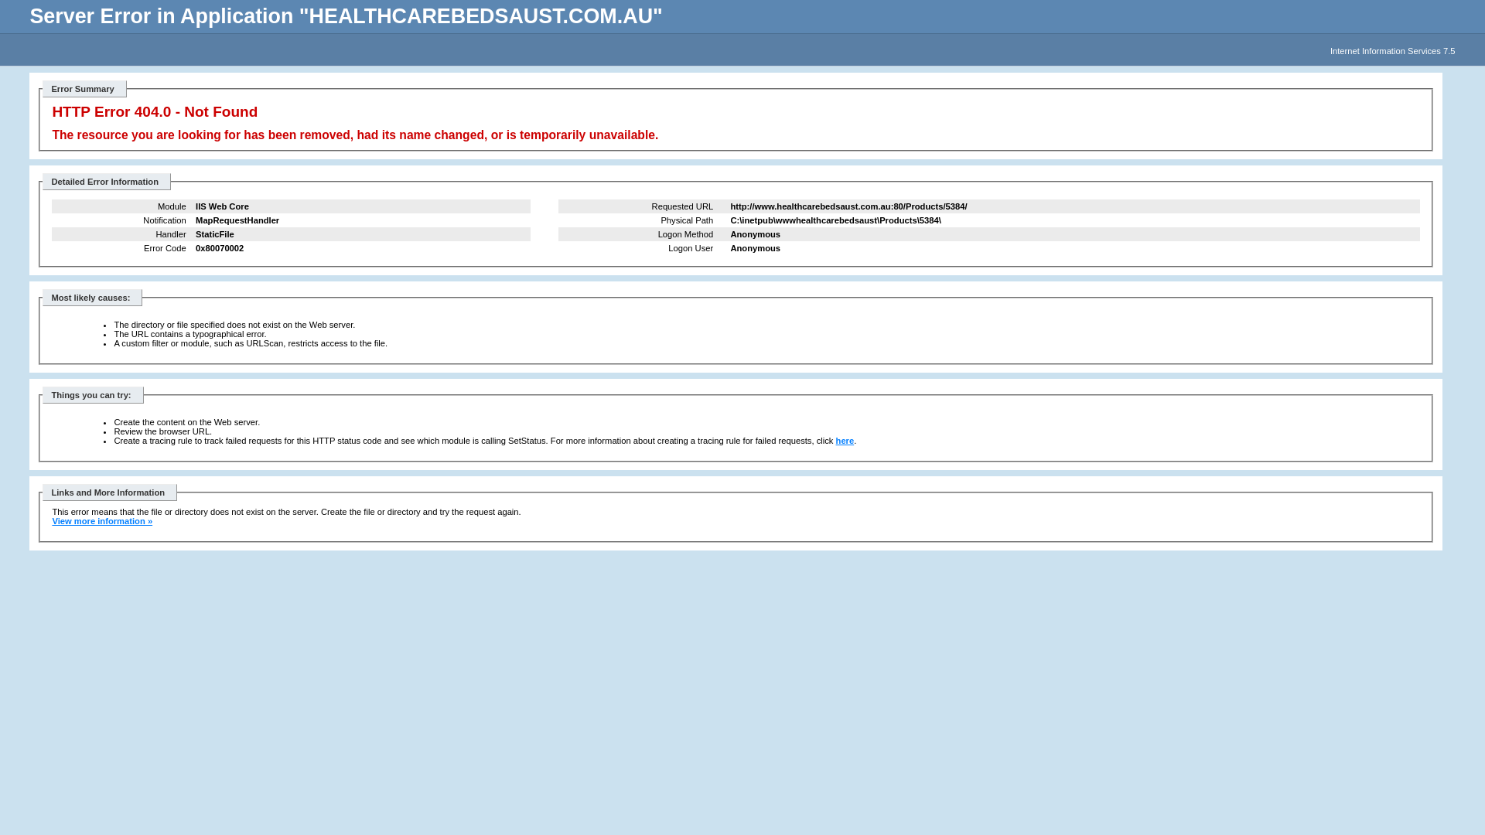 This screenshot has width=1485, height=835. What do you see at coordinates (845, 441) in the screenshot?
I see `'here'` at bounding box center [845, 441].